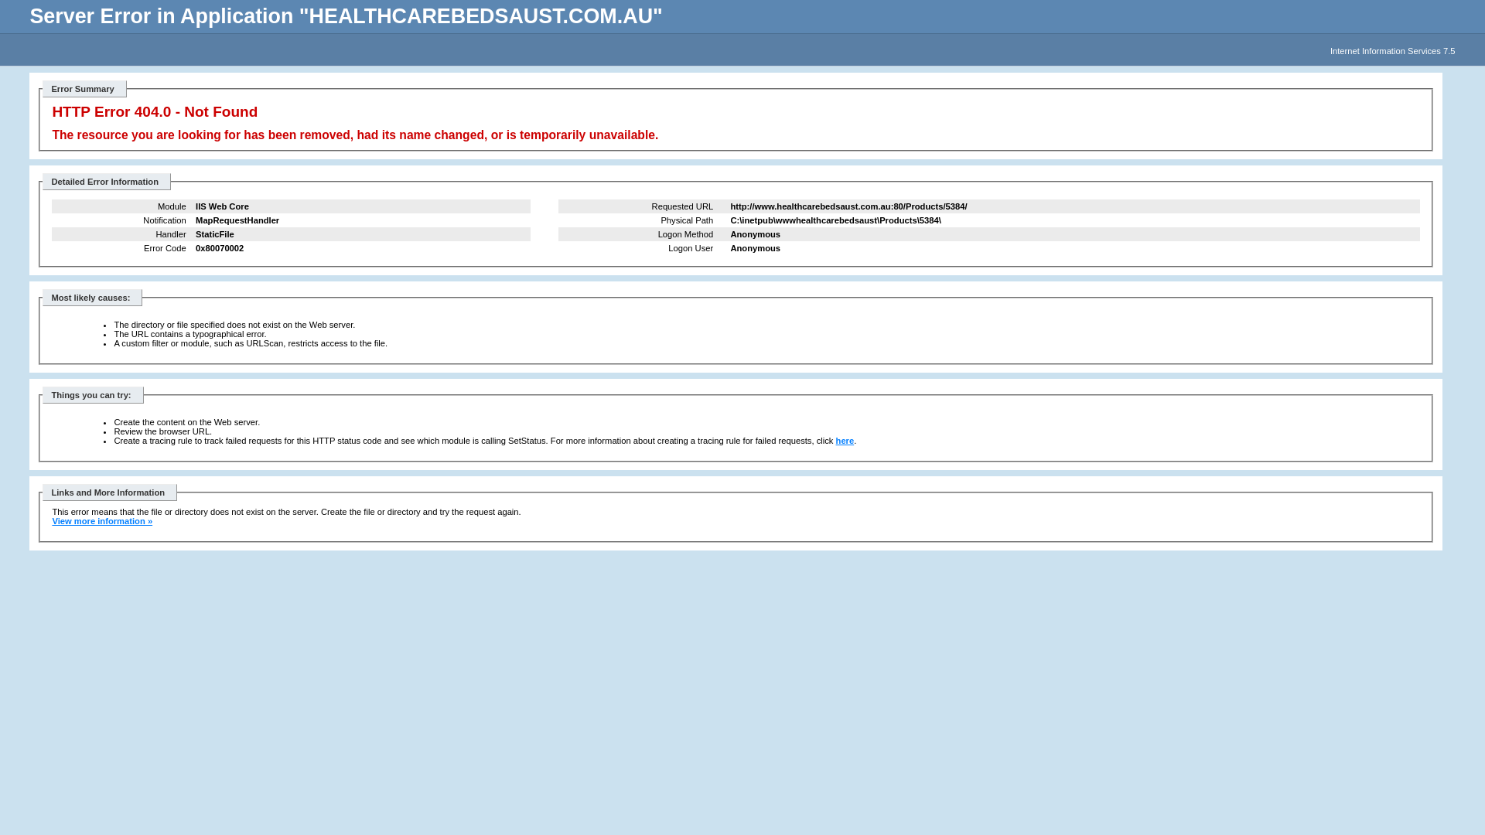 This screenshot has width=1485, height=835. What do you see at coordinates (845, 441) in the screenshot?
I see `'here'` at bounding box center [845, 441].